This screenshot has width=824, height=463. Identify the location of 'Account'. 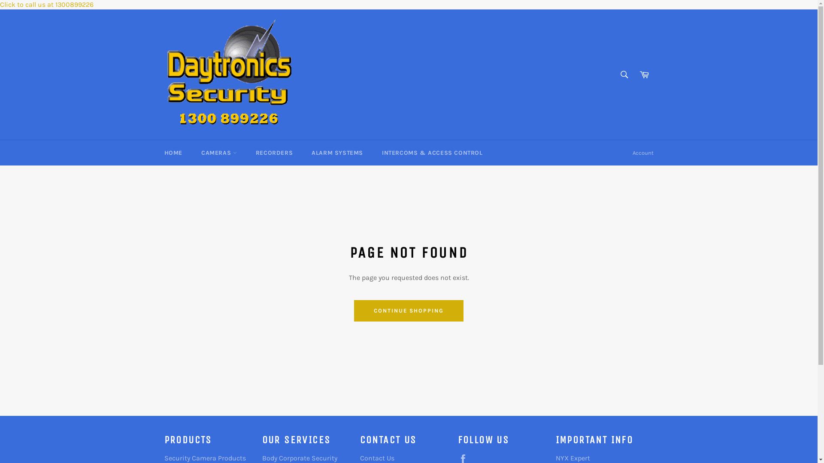
(643, 153).